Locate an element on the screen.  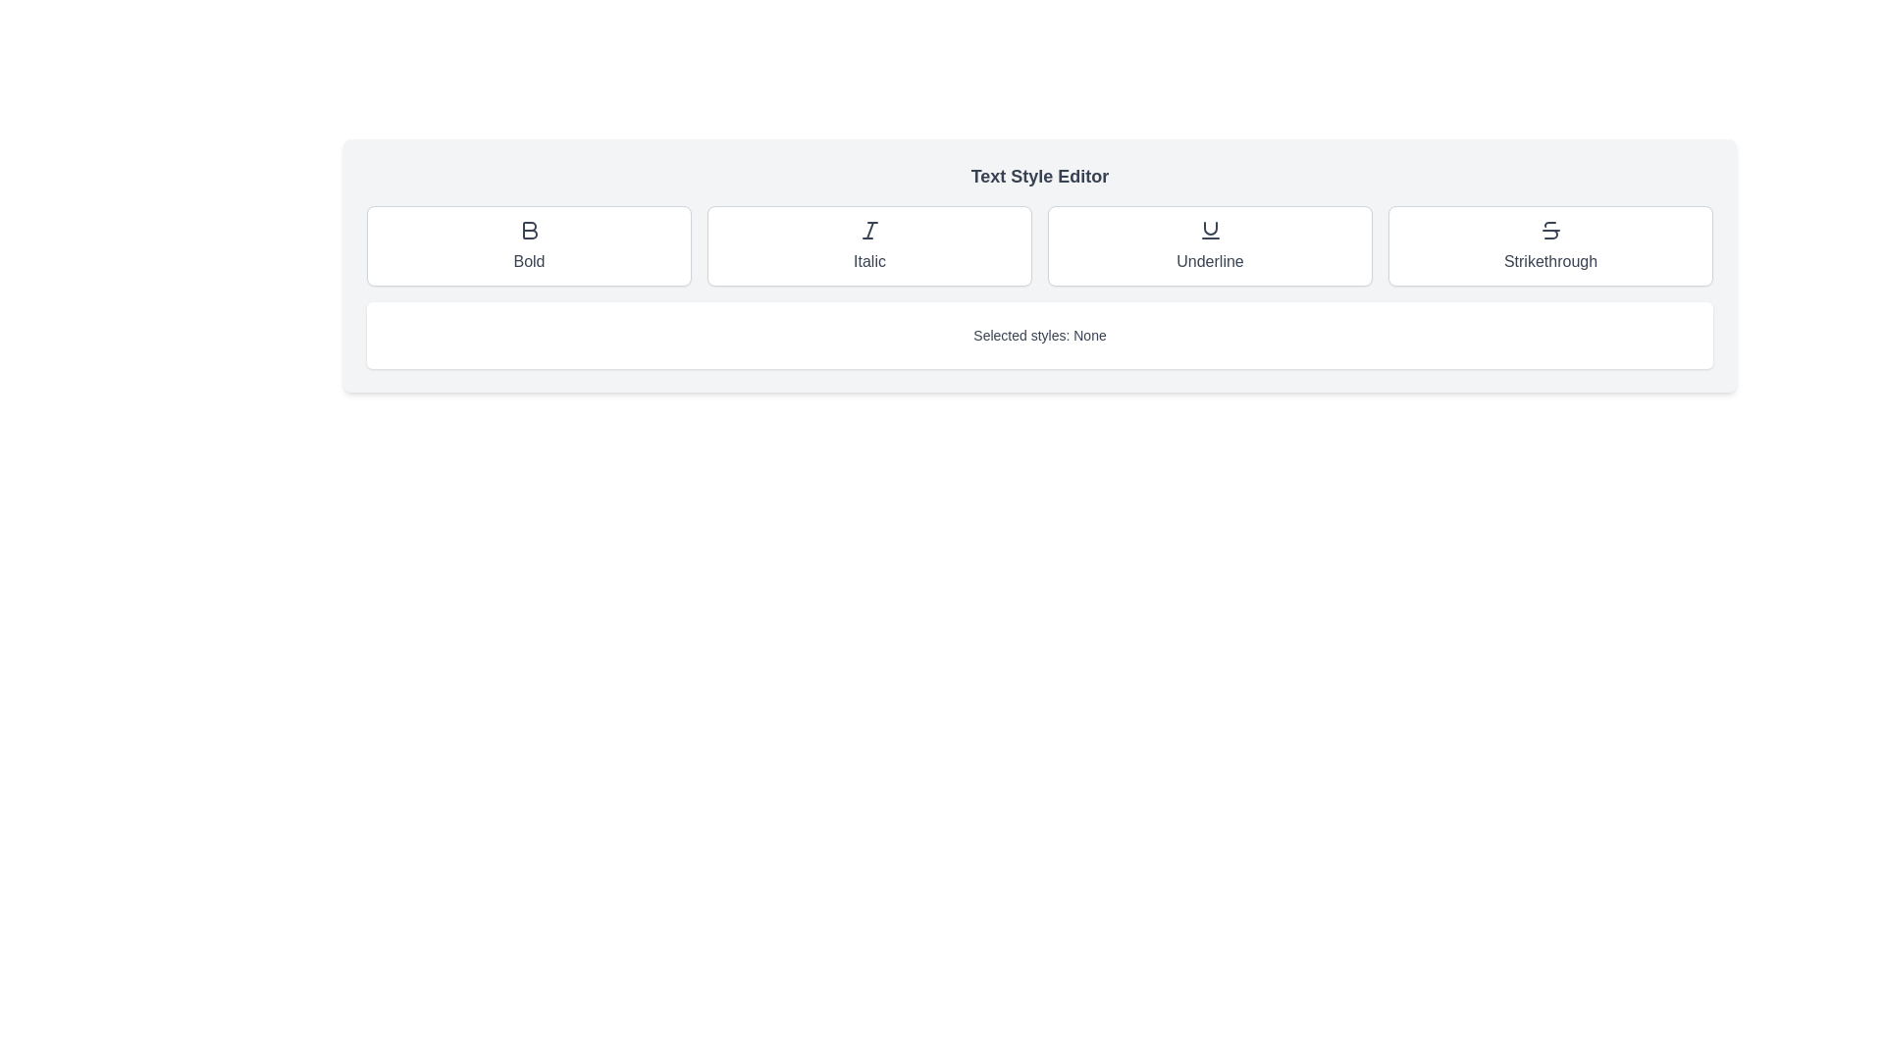
the descriptive label indicating that clicking the button will apply or remove underline styling to text, located beneath the 'U' icon in the 'Underline' button is located at coordinates (1209, 260).